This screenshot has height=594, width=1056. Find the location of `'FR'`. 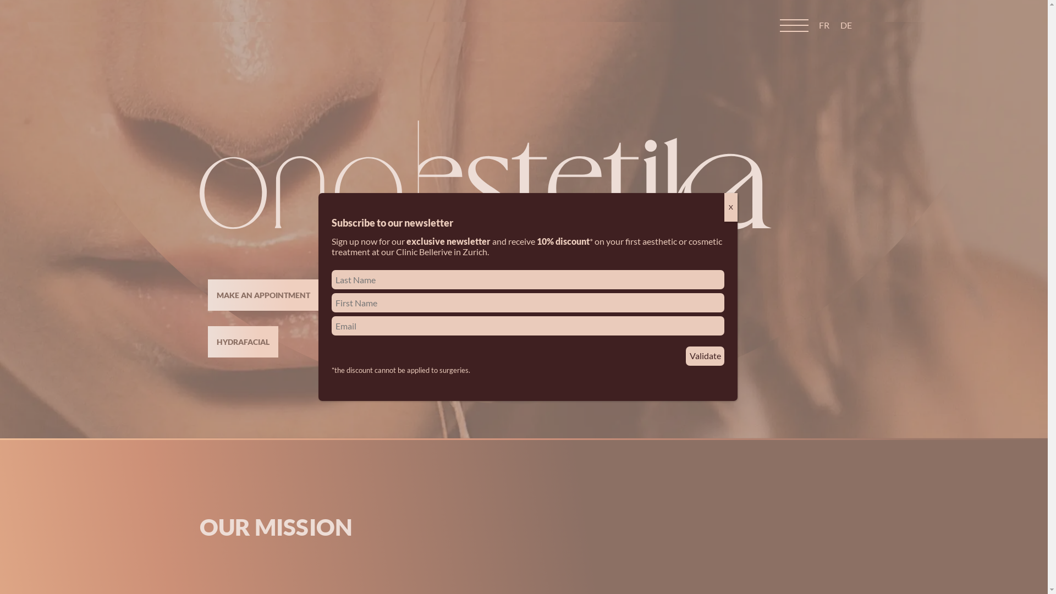

'FR' is located at coordinates (824, 25).